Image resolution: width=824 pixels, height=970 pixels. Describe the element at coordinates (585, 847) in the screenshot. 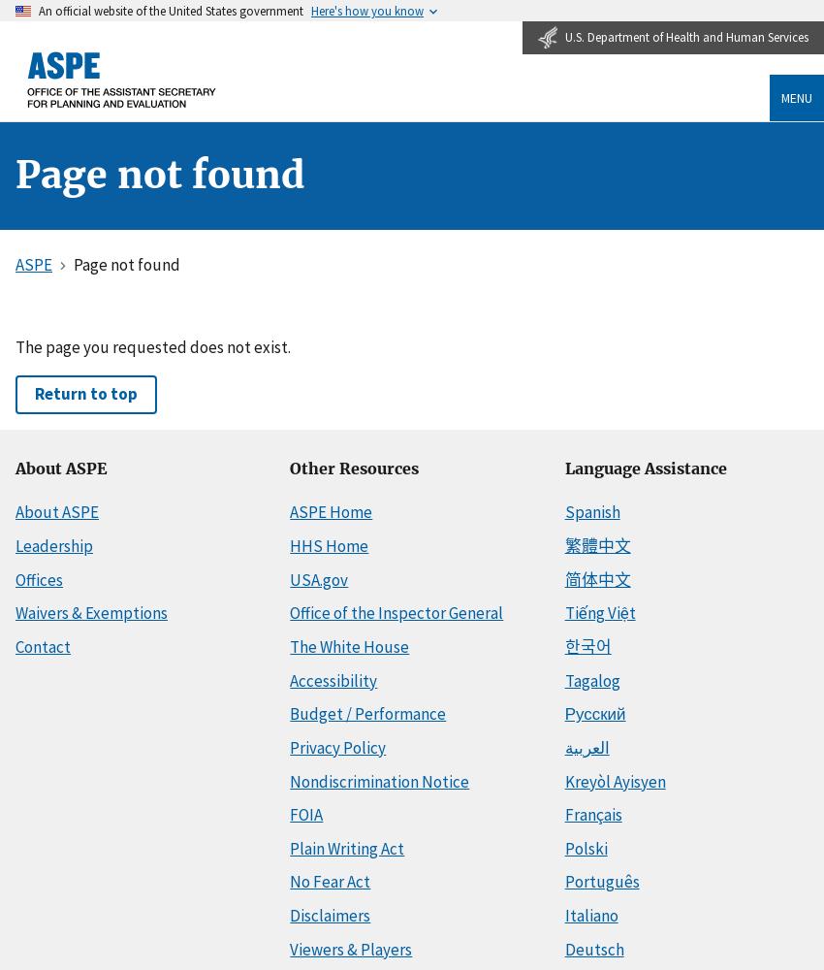

I see `'Polski'` at that location.